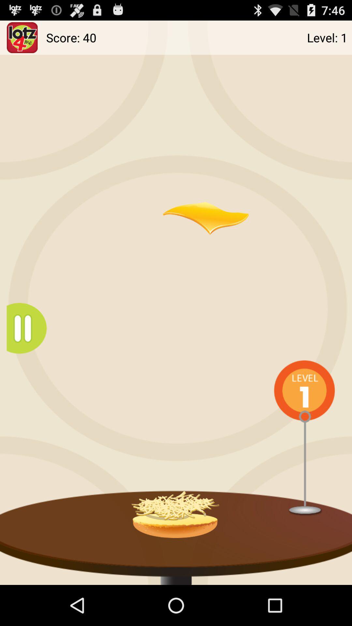  What do you see at coordinates (30, 328) in the screenshot?
I see `pause the reproduction` at bounding box center [30, 328].